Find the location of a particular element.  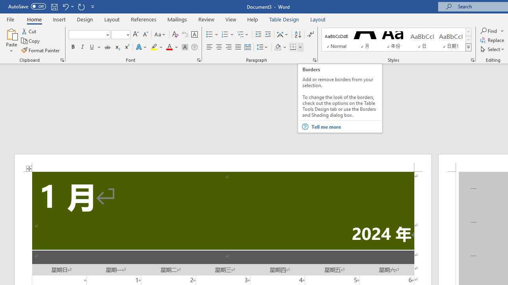

'Text Effects and Typography' is located at coordinates (142, 47).